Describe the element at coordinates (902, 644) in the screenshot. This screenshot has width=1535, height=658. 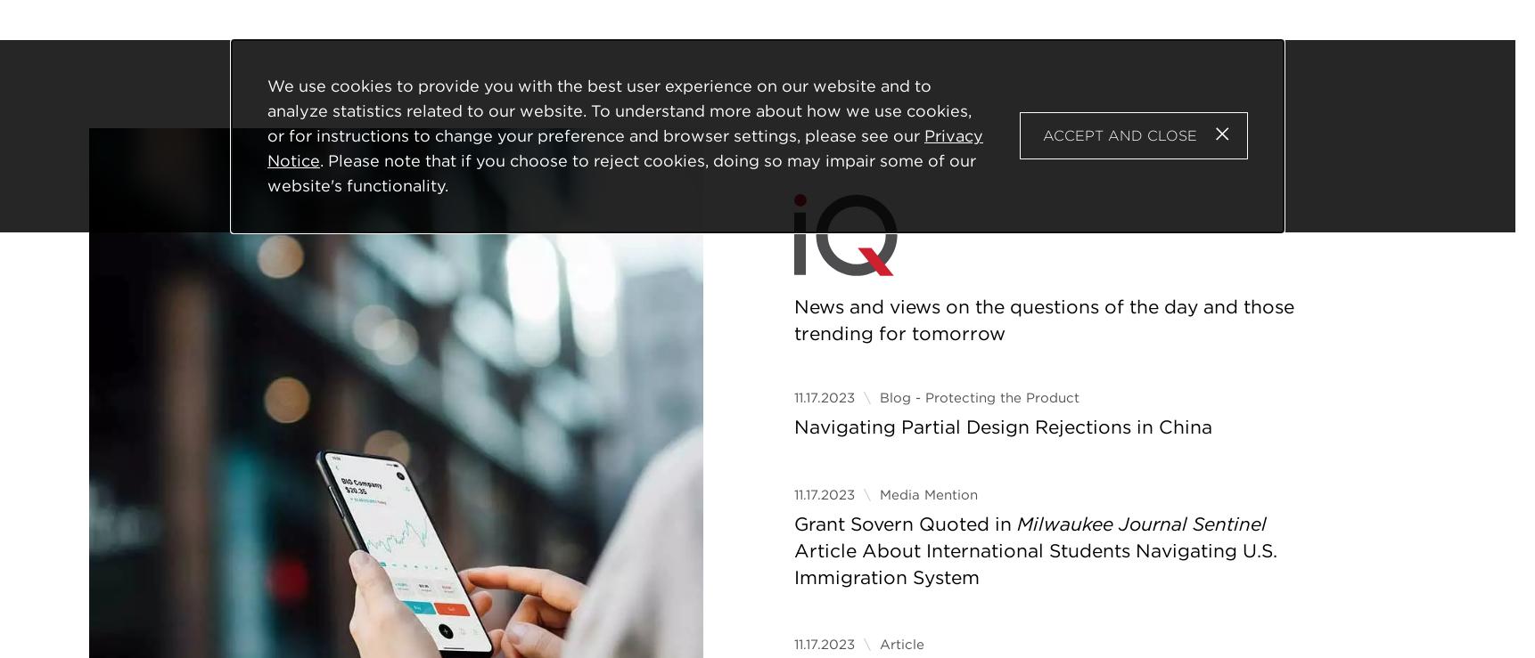
I see `'Article'` at that location.